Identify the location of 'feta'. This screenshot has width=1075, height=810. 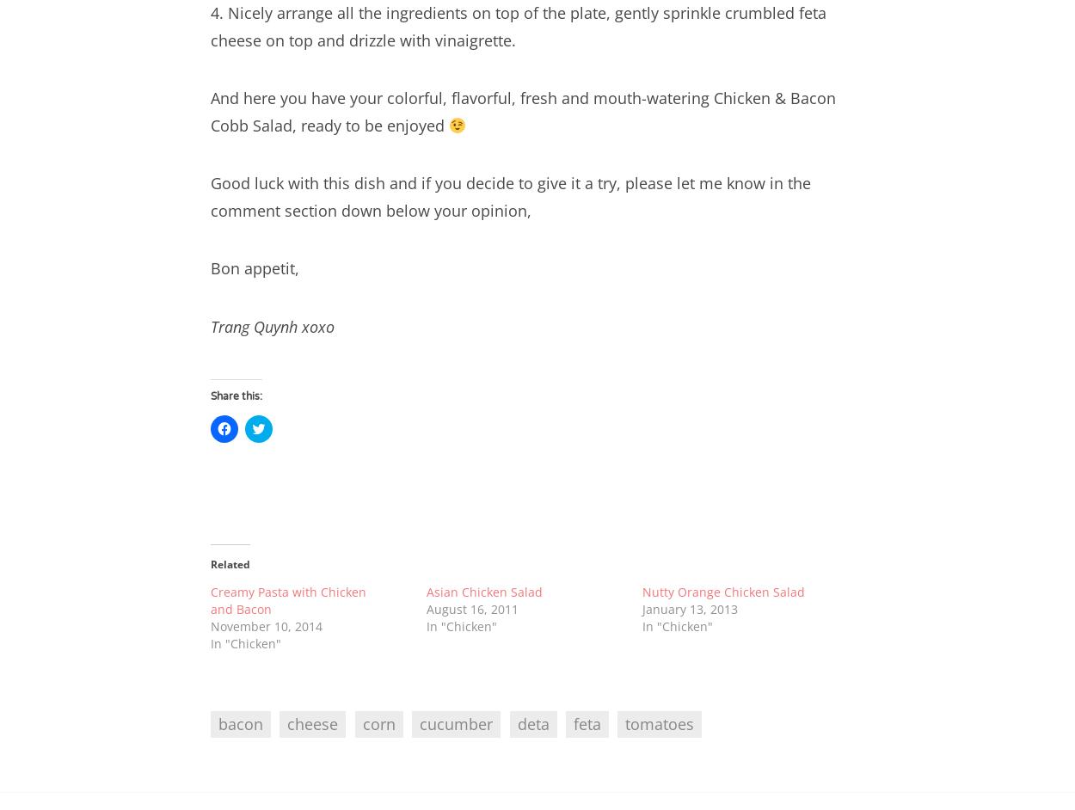
(587, 722).